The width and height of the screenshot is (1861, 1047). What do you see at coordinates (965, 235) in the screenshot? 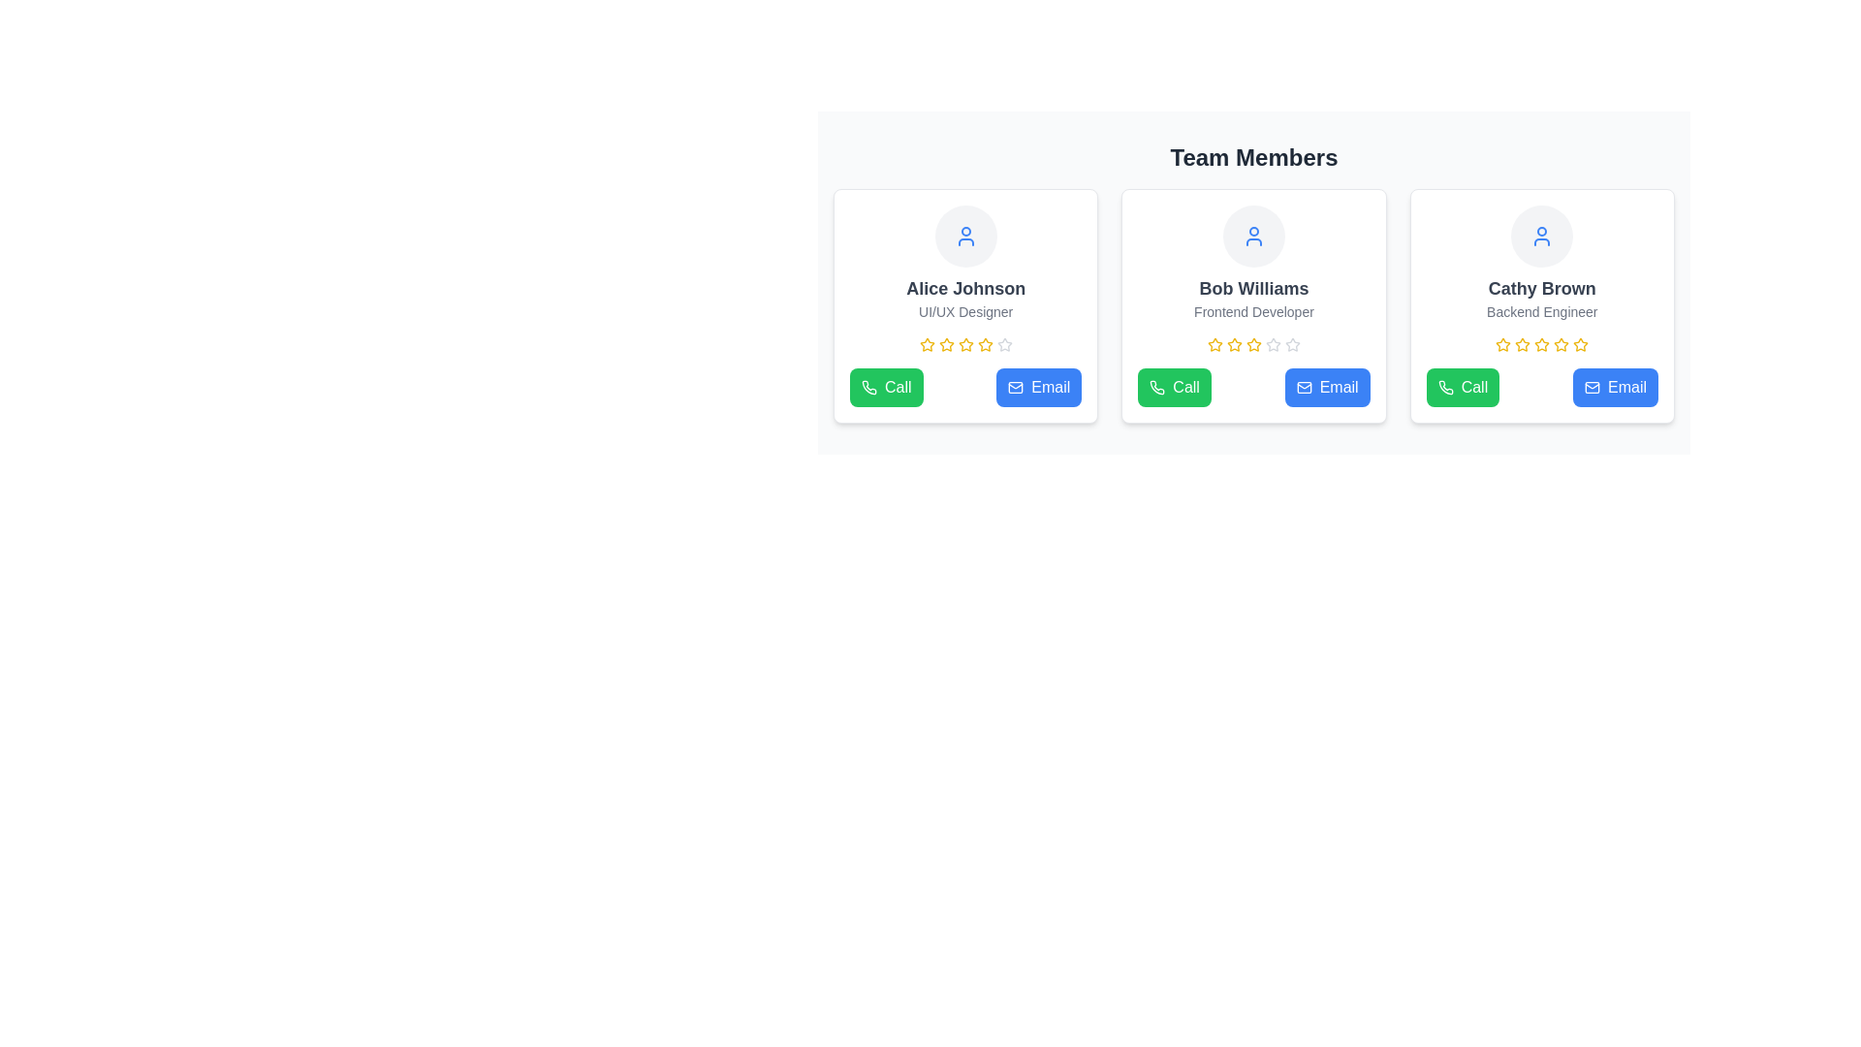
I see `the Profile Avatar of 'Alice Johnson'` at bounding box center [965, 235].